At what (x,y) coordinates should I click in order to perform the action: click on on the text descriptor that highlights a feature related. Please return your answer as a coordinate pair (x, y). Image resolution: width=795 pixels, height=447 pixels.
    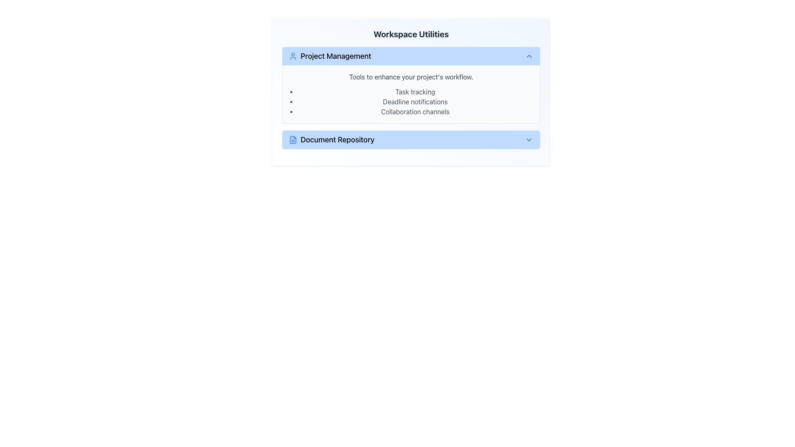
    Looking at the image, I should click on (415, 101).